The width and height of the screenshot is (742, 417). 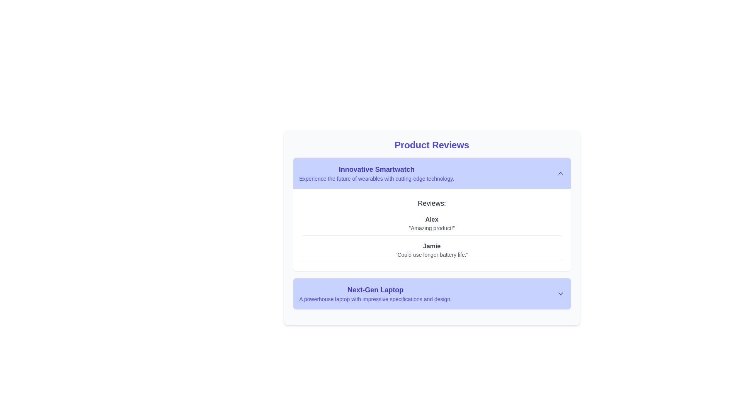 What do you see at coordinates (375, 299) in the screenshot?
I see `text label displaying 'A powerhouse laptop with impressive specifications and design.' positioned below the title 'Next-Gen Laptop'` at bounding box center [375, 299].